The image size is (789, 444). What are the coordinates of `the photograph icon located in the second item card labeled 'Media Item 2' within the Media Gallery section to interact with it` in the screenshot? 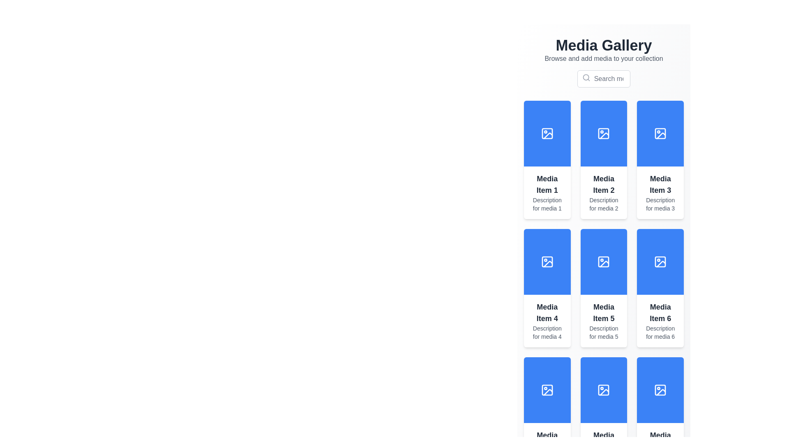 It's located at (603, 133).